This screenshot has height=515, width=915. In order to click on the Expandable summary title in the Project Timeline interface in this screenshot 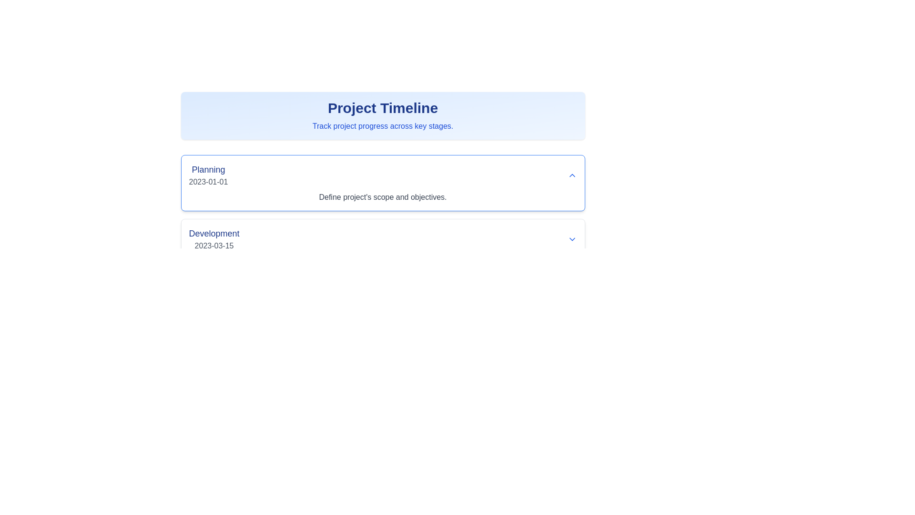, I will do `click(383, 175)`.